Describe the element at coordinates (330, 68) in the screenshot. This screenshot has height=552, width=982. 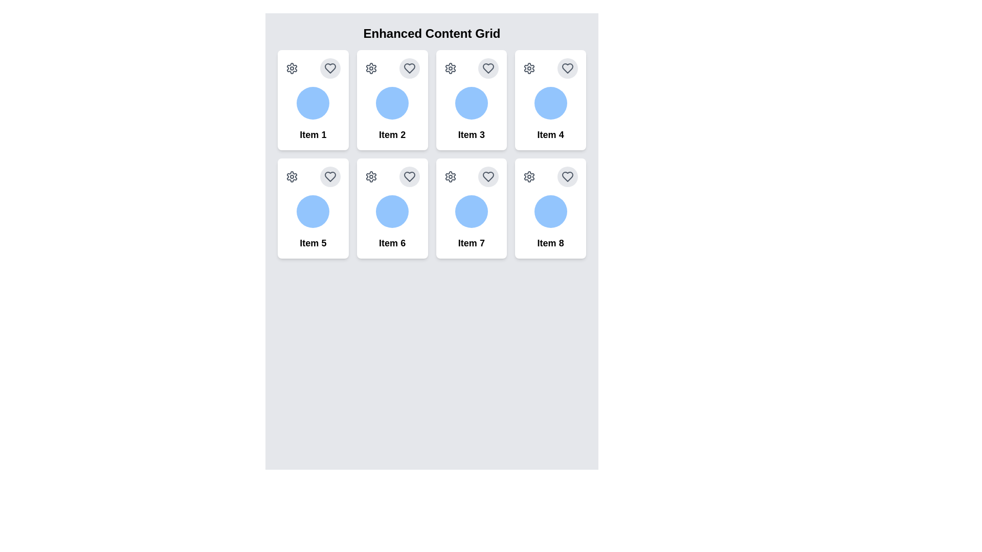
I see `the heart-shaped icon located at the top right corner of the first card under the heading 'Enhanced Content Grid' to favorite the item` at that location.